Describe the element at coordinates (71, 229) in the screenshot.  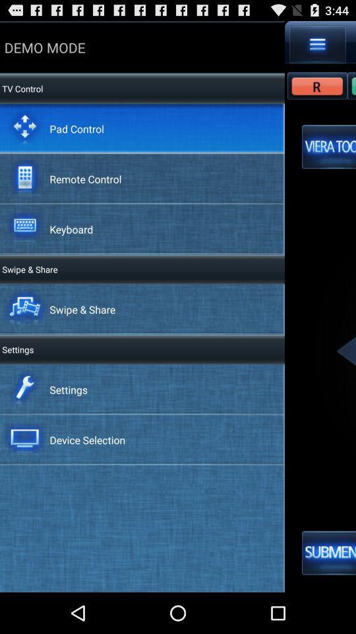
I see `the keyboard` at that location.